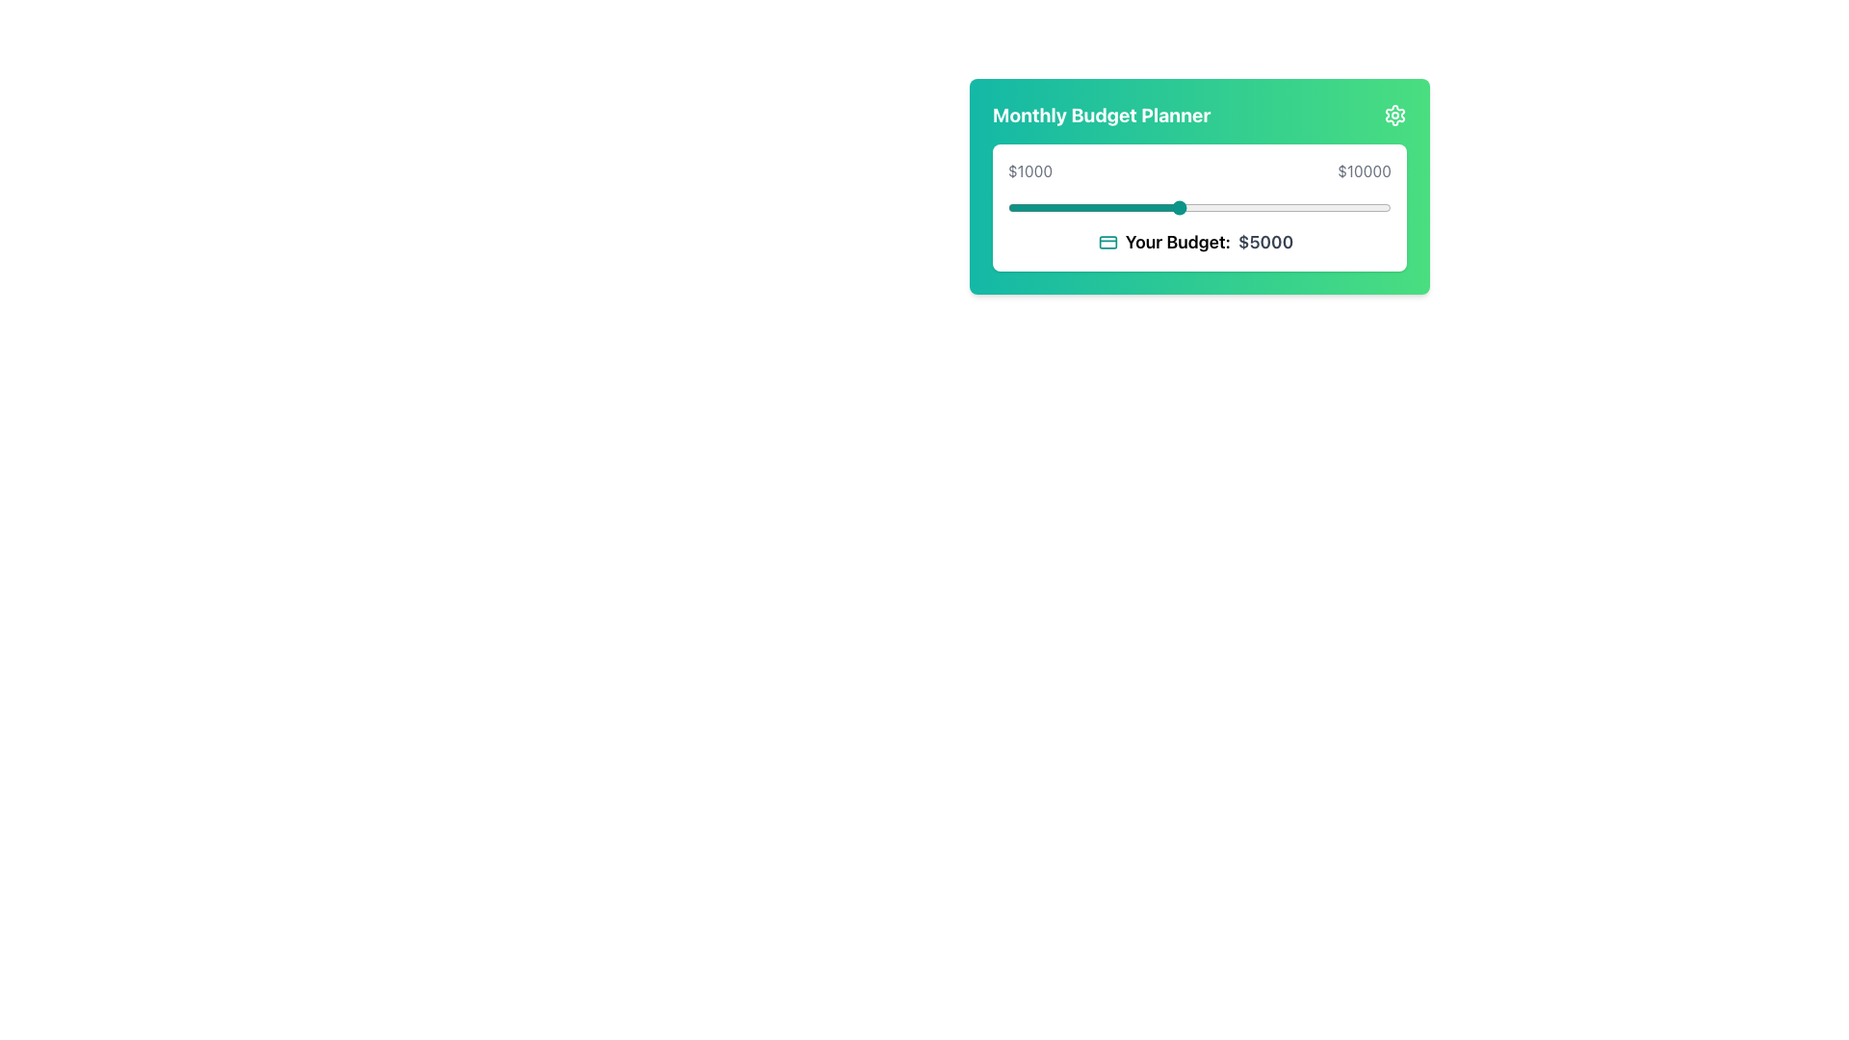 Image resolution: width=1849 pixels, height=1040 pixels. What do you see at coordinates (1102, 115) in the screenshot?
I see `title 'Monthly Budget Planner' from the text label, which is located at the top-left corner of the green card-like interface` at bounding box center [1102, 115].